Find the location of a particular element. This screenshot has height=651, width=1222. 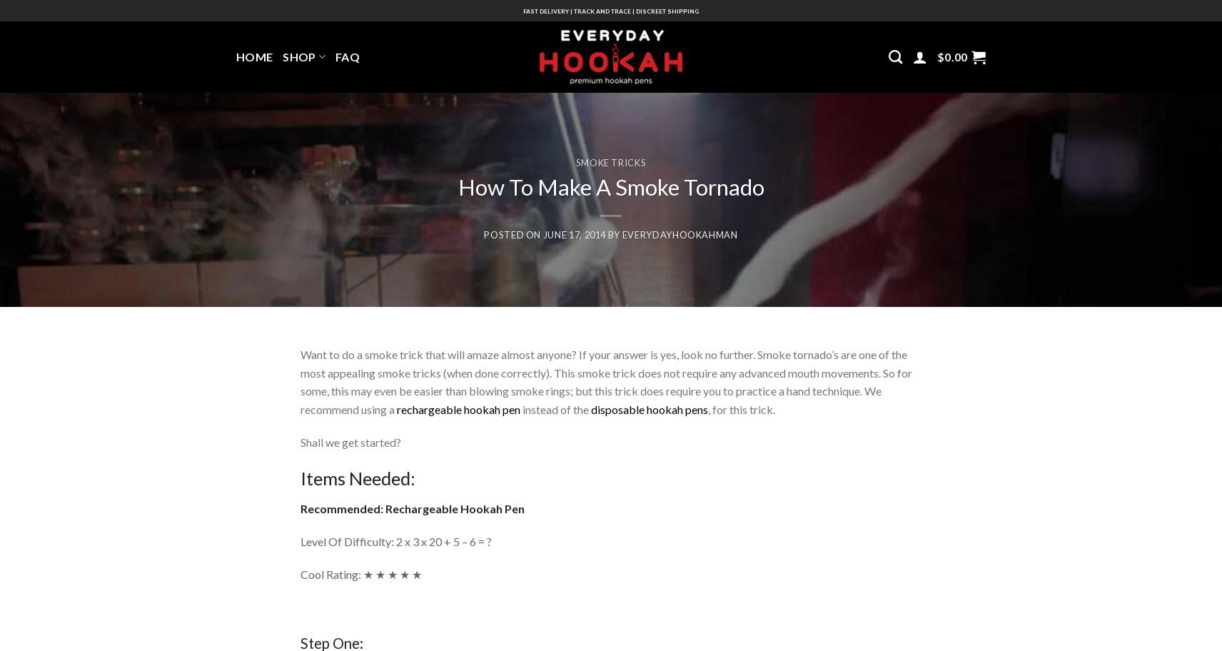

'Smoke Tricks' is located at coordinates (610, 163).